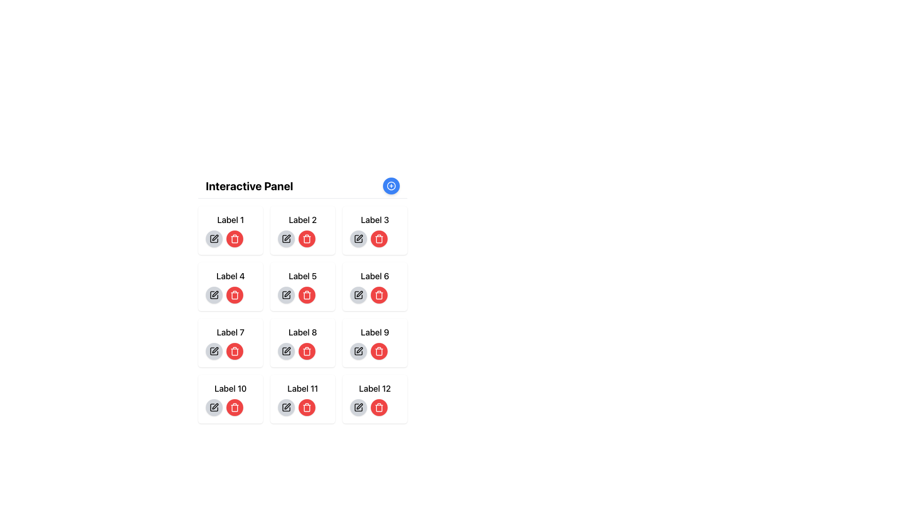  Describe the element at coordinates (213, 294) in the screenshot. I see `the Edit icon located to the left of the red trash bin icon associated with 'Label 4' to enable editing of the label's content` at that location.